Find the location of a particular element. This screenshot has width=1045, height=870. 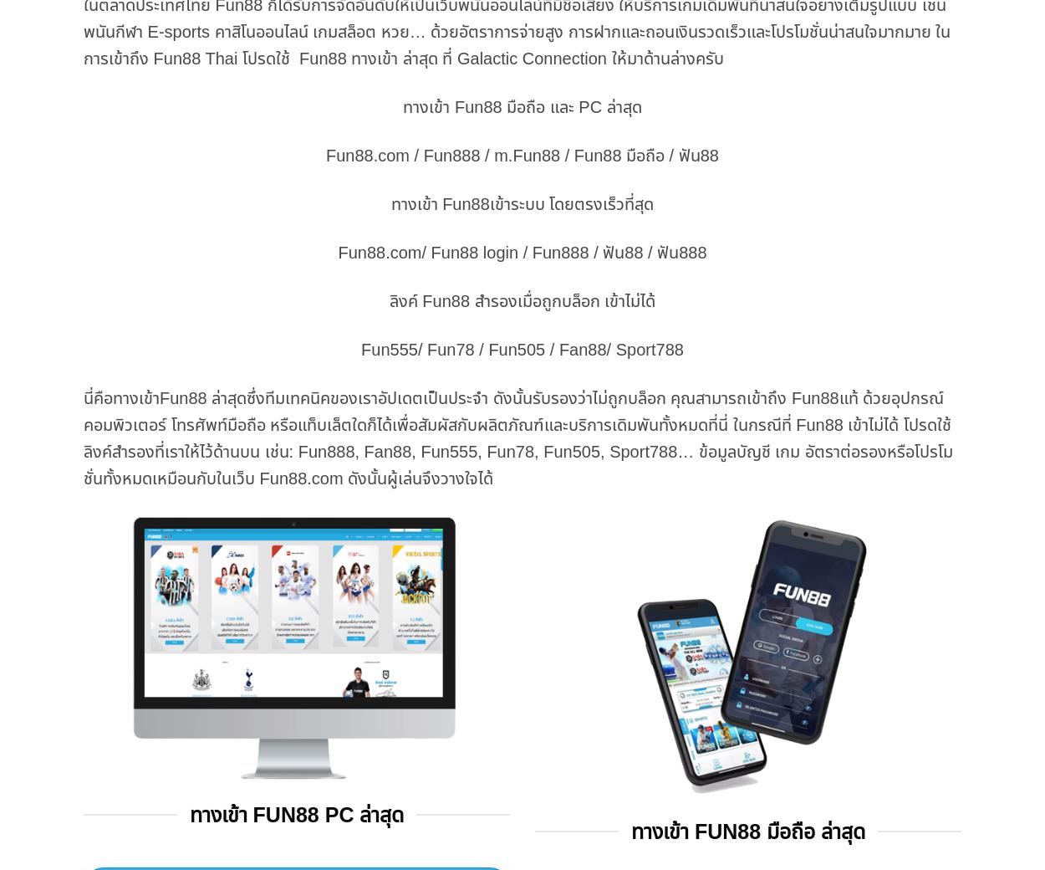

'ฟัน88' is located at coordinates (697, 155).